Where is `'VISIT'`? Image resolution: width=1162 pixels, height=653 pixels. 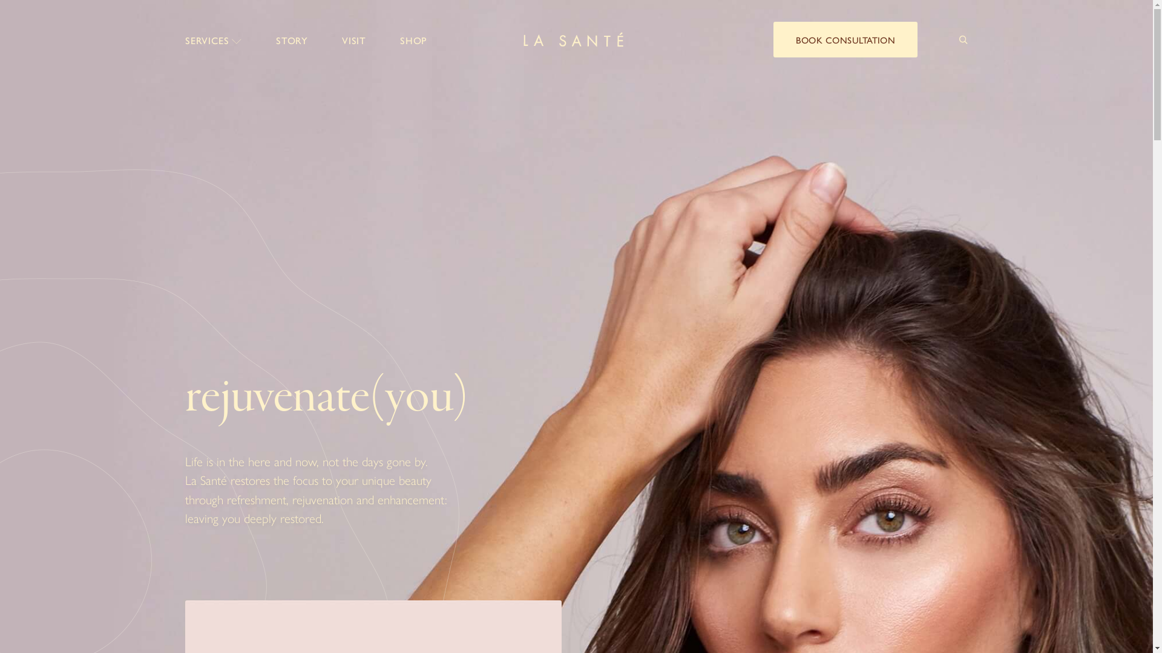
'VISIT' is located at coordinates (341, 39).